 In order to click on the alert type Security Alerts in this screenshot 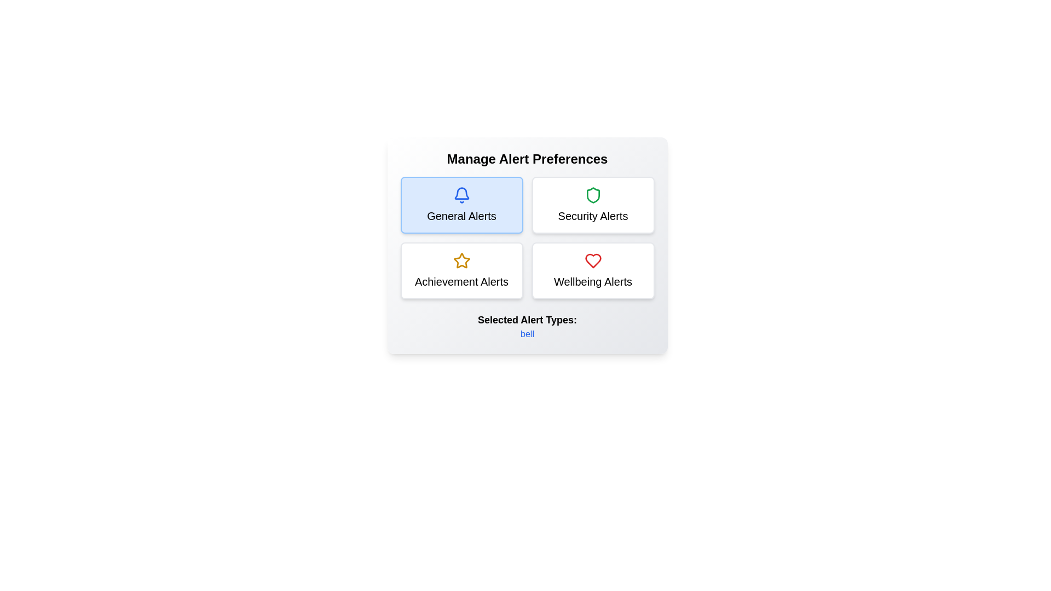, I will do `click(592, 205)`.